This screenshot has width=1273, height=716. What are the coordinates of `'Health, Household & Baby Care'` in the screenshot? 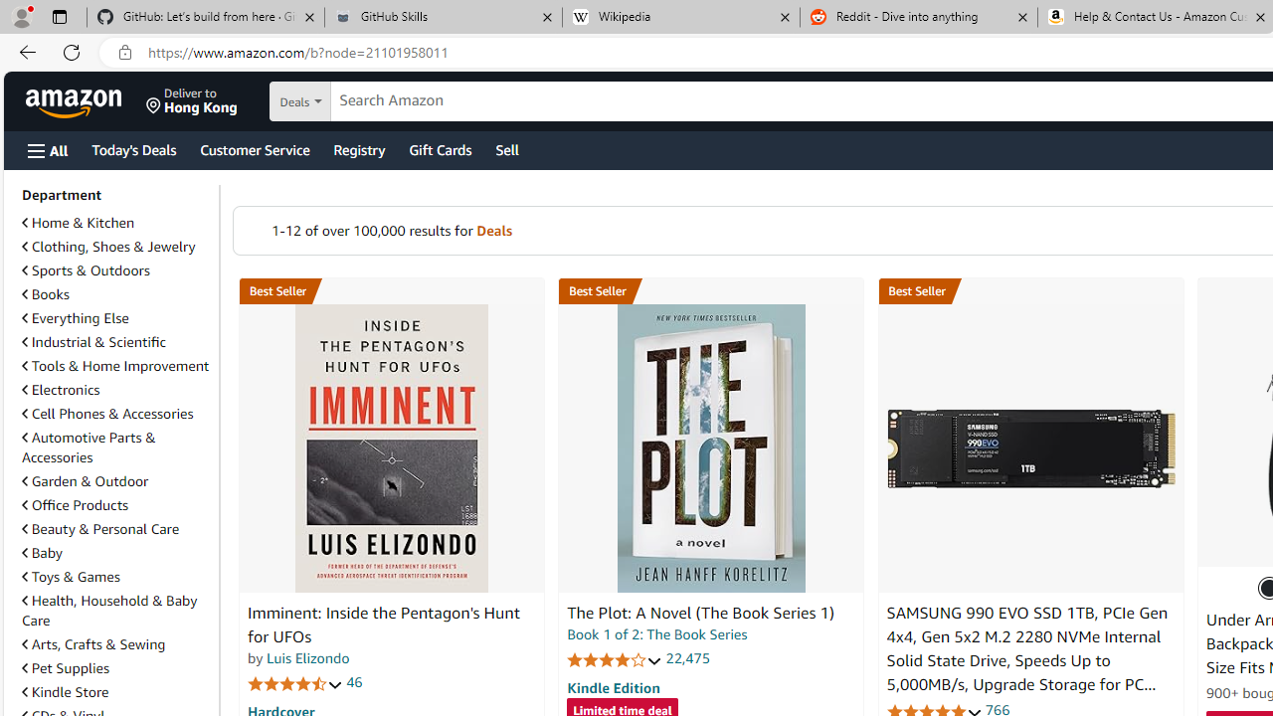 It's located at (108, 609).